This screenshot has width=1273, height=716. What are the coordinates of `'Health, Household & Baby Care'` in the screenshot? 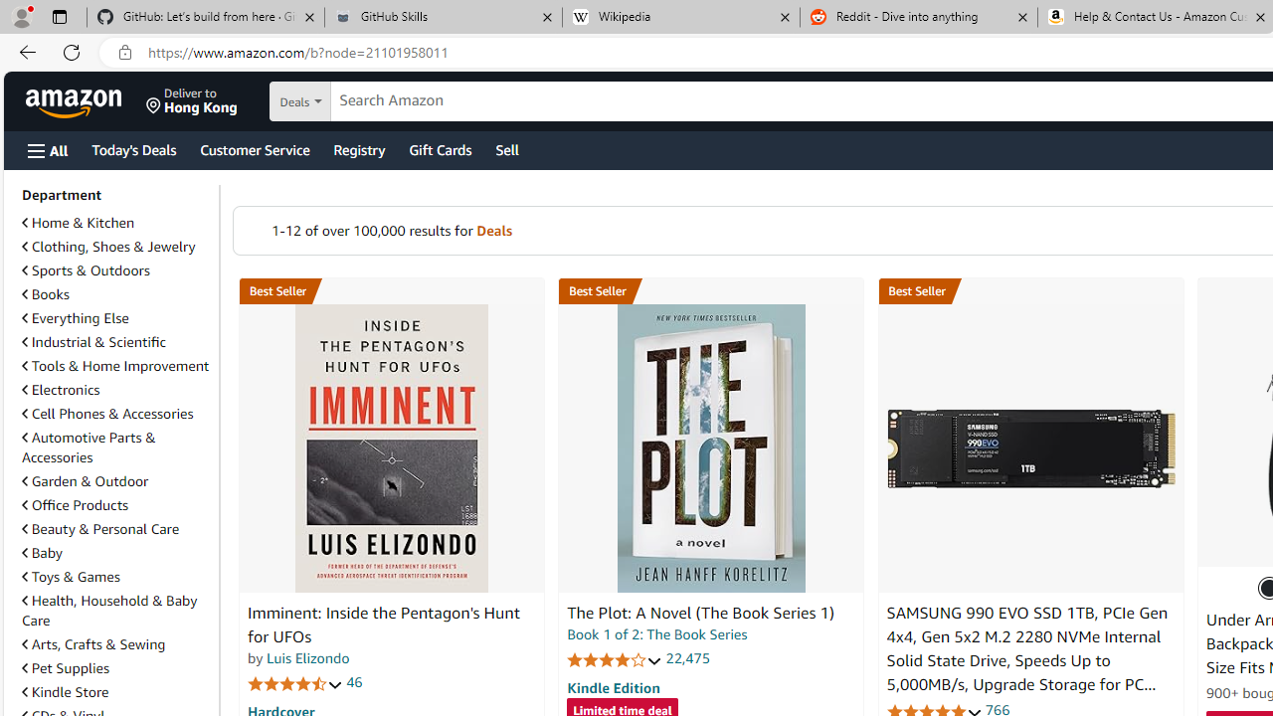 It's located at (108, 609).